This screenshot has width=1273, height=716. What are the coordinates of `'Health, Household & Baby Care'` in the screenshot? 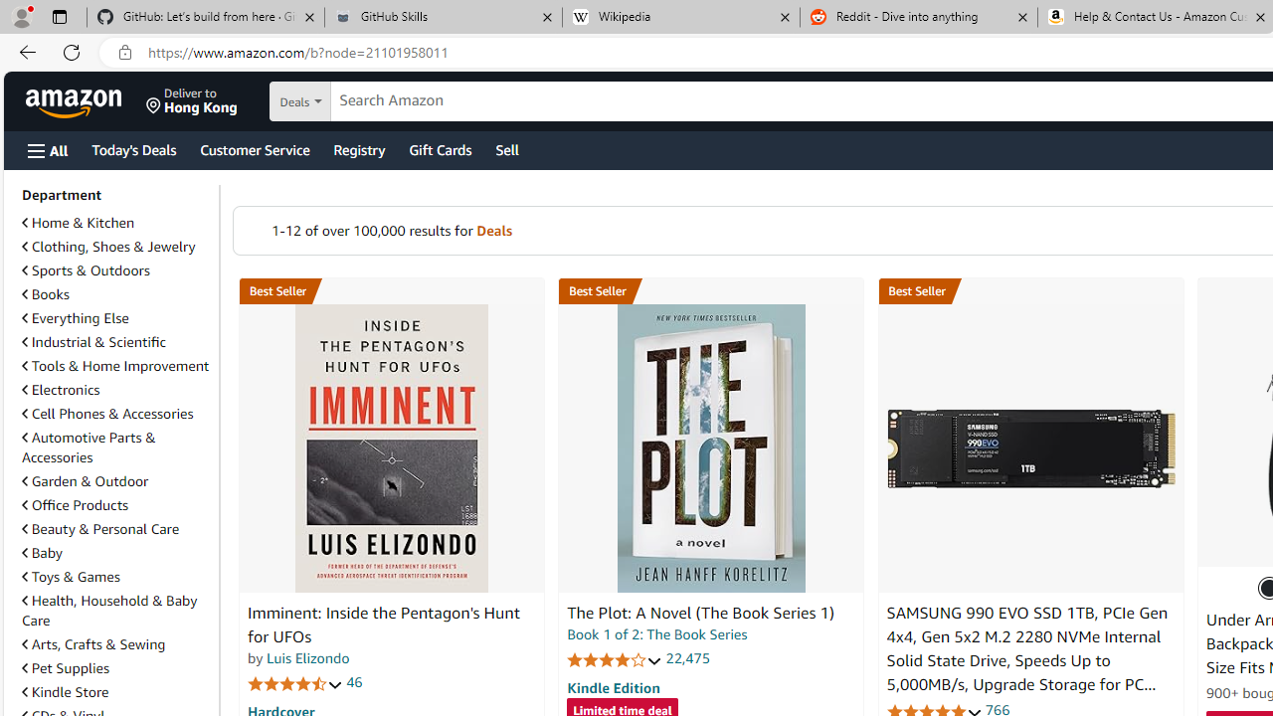 It's located at (108, 609).